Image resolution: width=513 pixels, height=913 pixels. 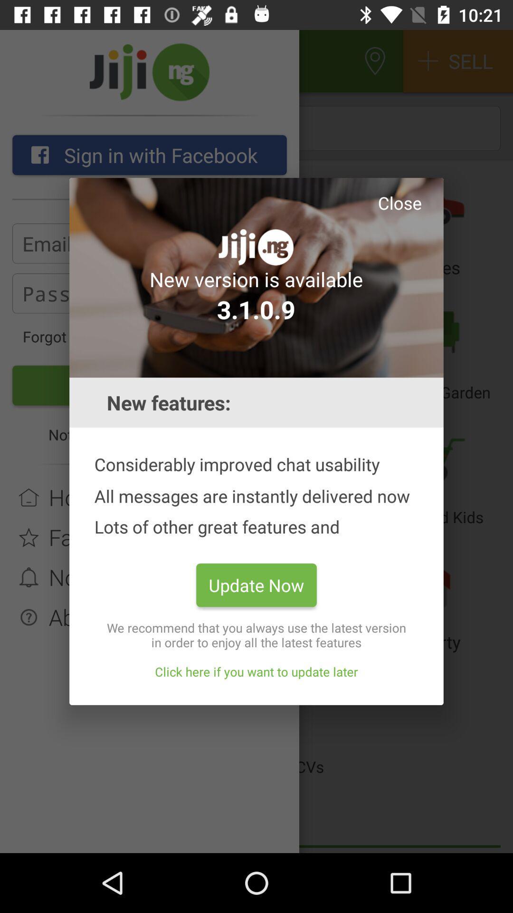 I want to click on the item below the we recommend that icon, so click(x=256, y=671).